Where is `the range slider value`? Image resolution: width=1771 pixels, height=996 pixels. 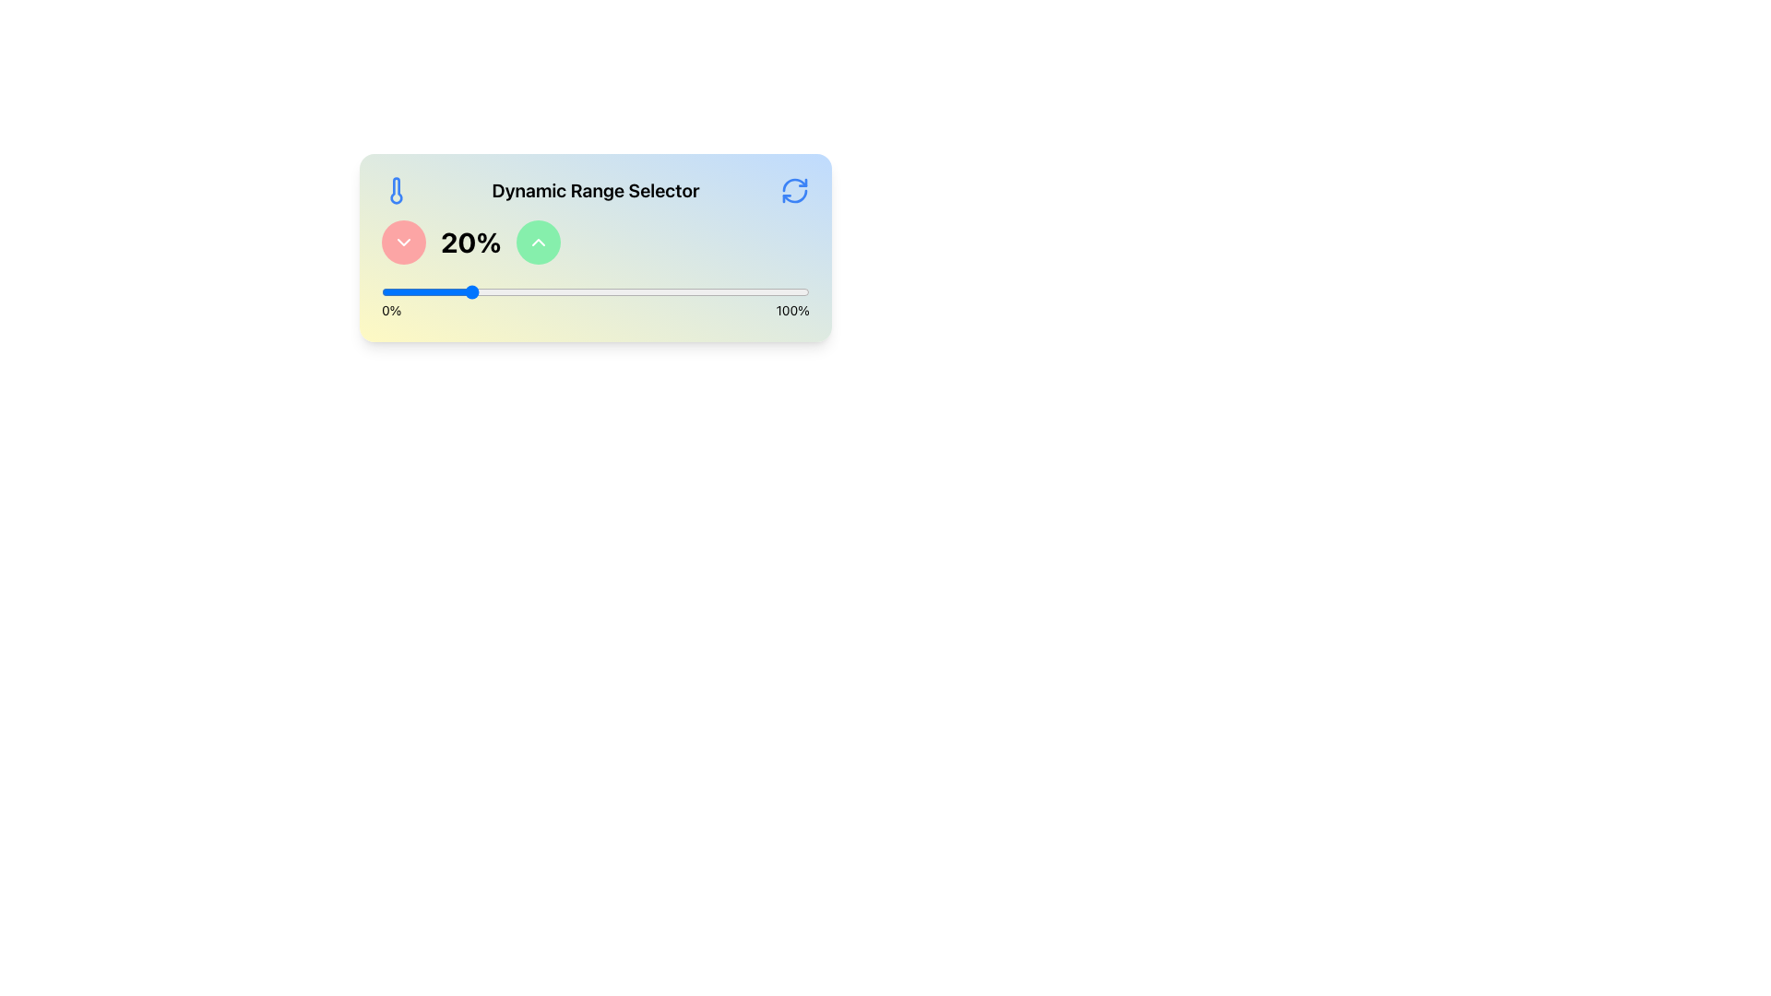
the range slider value is located at coordinates (736, 290).